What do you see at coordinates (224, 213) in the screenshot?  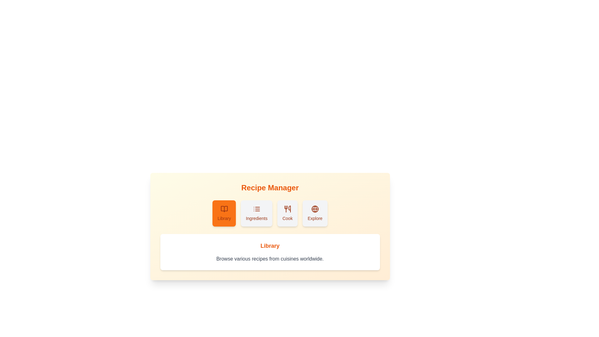 I see `the Library tab to view its content` at bounding box center [224, 213].